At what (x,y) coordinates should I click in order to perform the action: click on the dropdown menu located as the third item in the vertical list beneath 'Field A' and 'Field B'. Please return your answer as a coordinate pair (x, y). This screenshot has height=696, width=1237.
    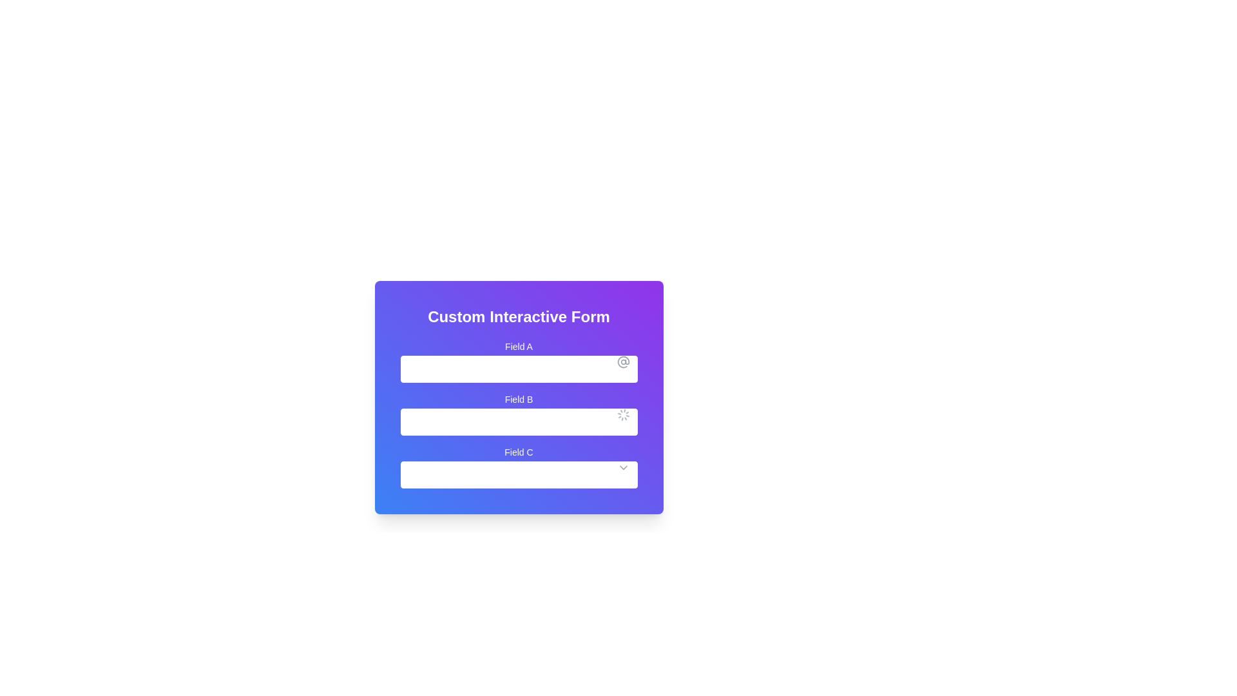
    Looking at the image, I should click on (519, 467).